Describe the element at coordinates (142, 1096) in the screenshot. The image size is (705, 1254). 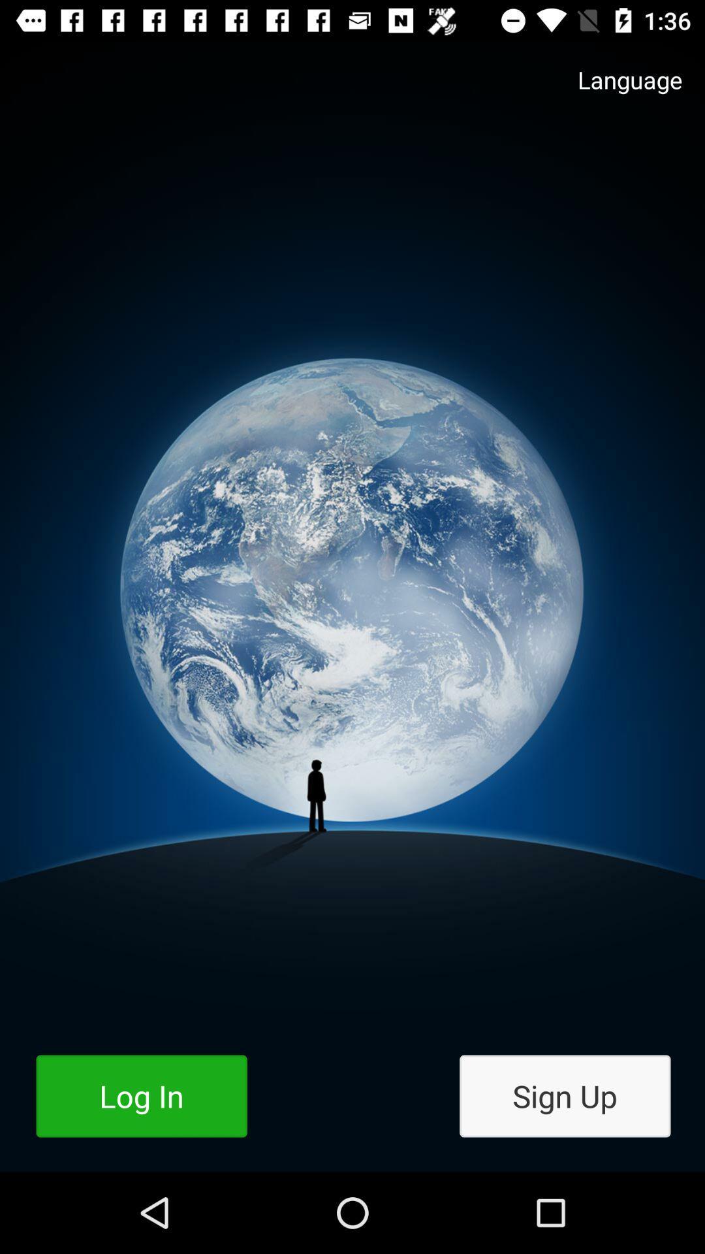
I see `log in button` at that location.